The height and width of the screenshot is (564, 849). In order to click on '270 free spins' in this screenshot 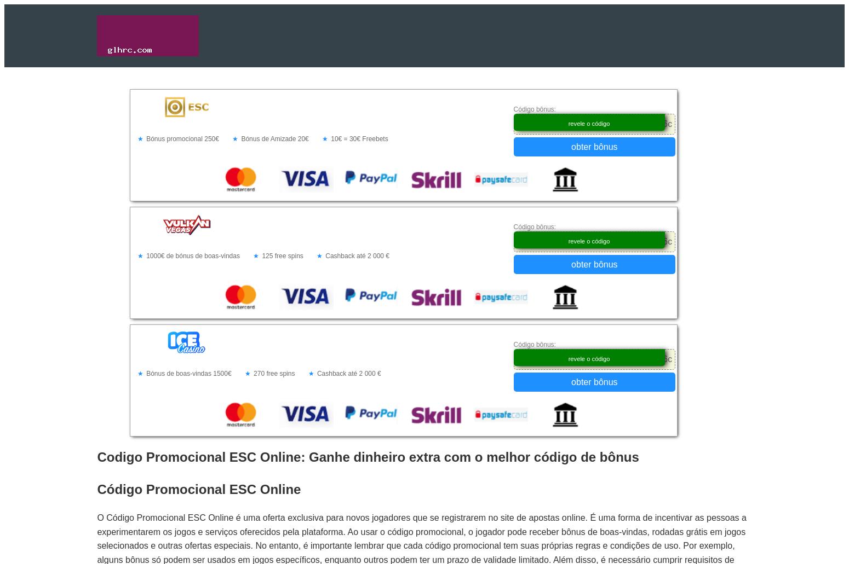, I will do `click(273, 374)`.